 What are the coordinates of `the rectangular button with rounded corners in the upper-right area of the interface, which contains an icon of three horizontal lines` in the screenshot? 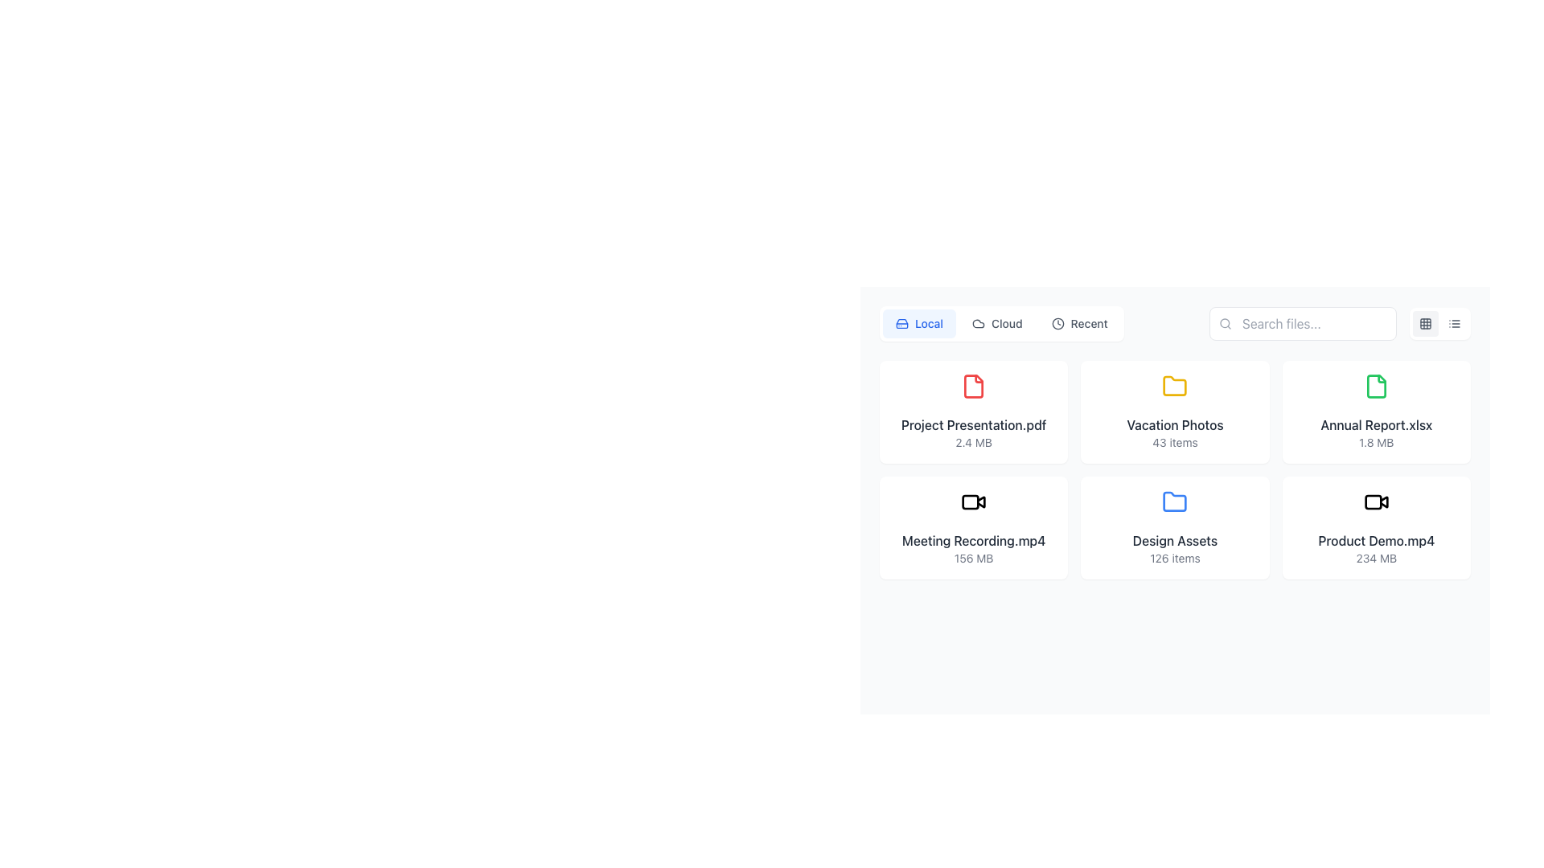 It's located at (1439, 323).